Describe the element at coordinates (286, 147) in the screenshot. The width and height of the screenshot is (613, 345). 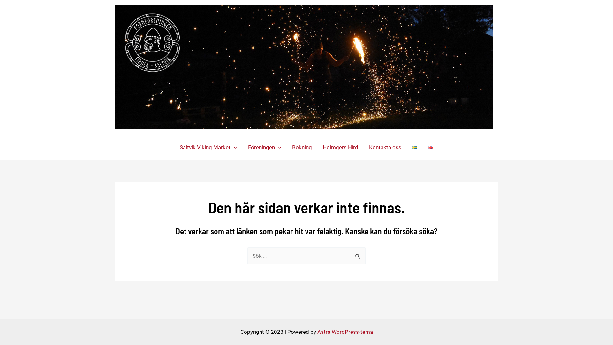
I see `'Bokning'` at that location.